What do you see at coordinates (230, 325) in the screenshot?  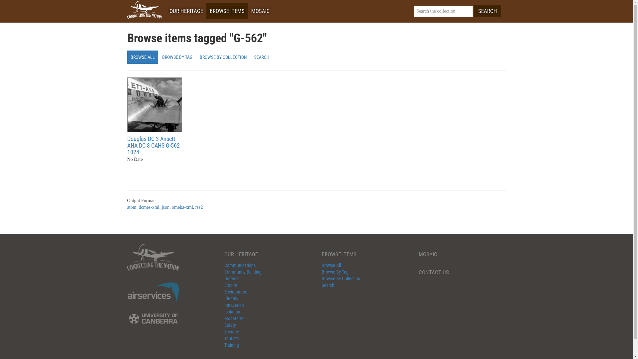 I see `'Safety'` at bounding box center [230, 325].